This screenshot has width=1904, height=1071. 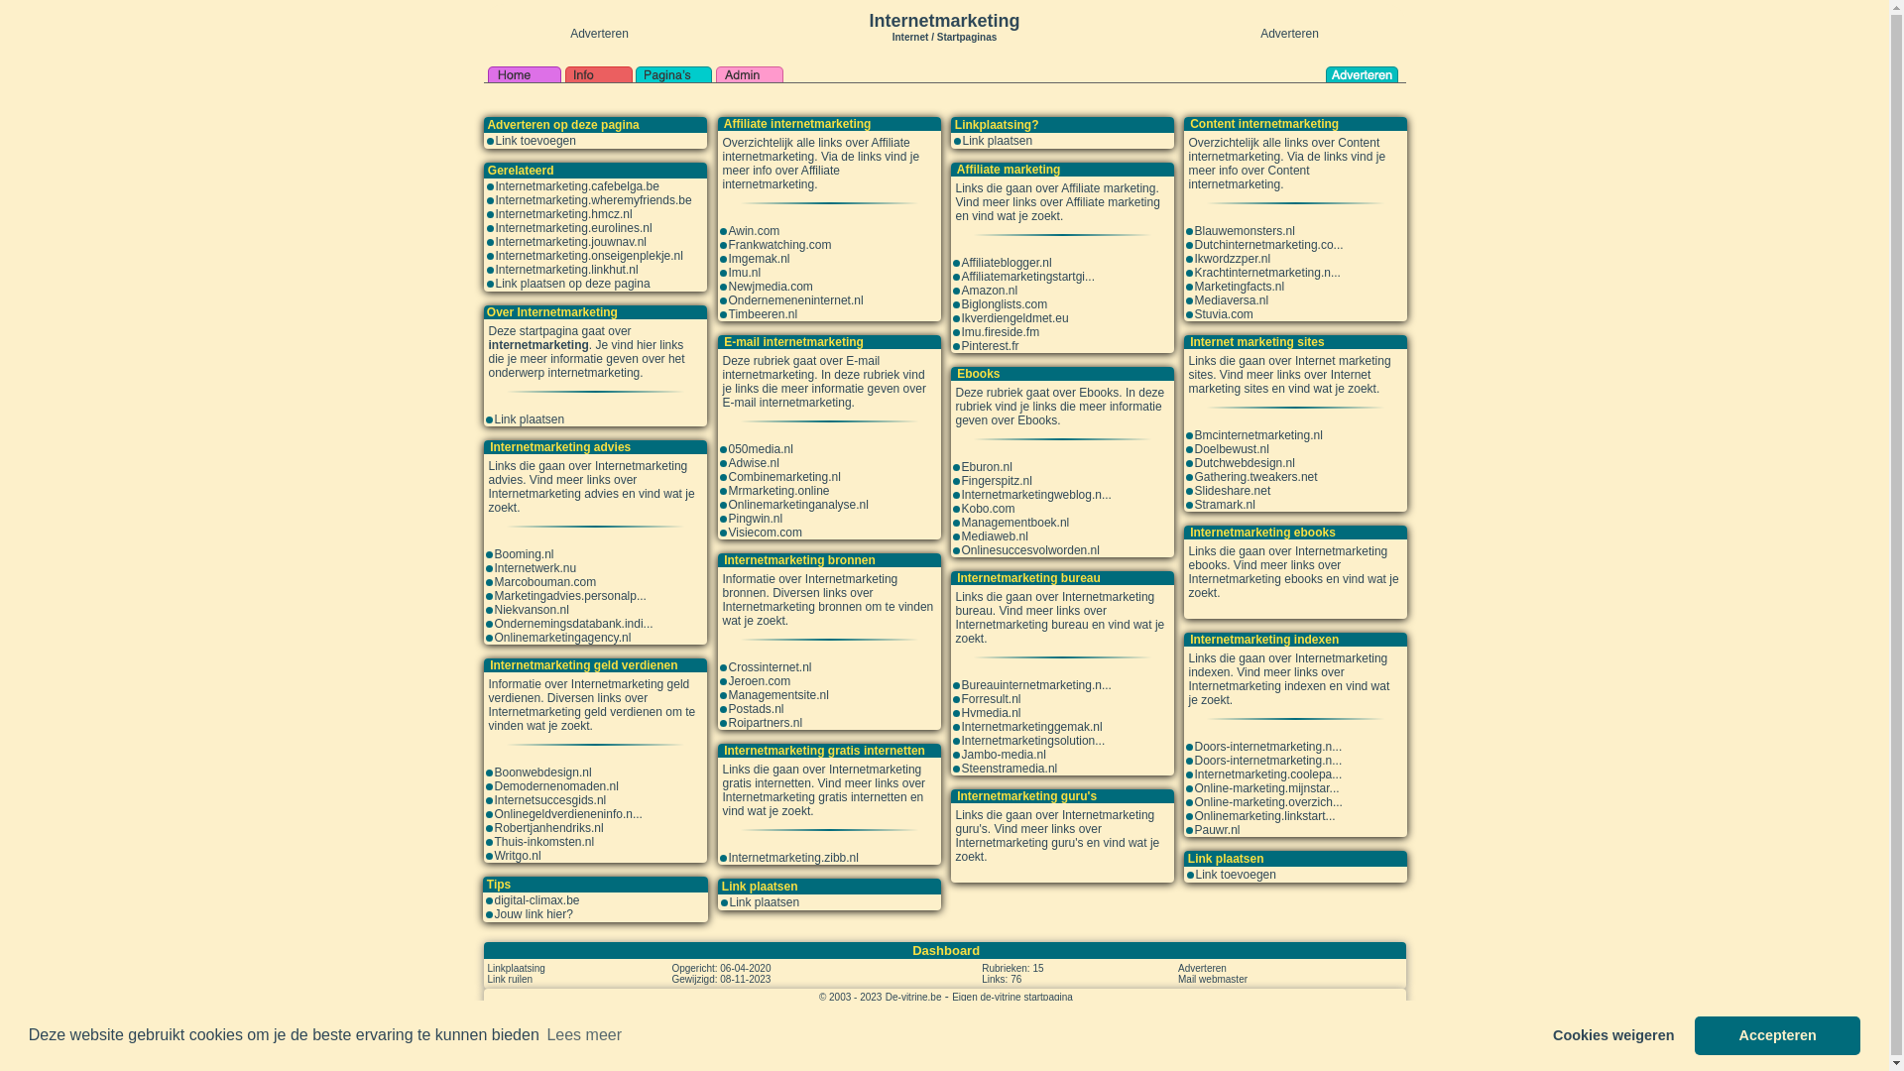 What do you see at coordinates (912, 997) in the screenshot?
I see `'De-vitrine.be'` at bounding box center [912, 997].